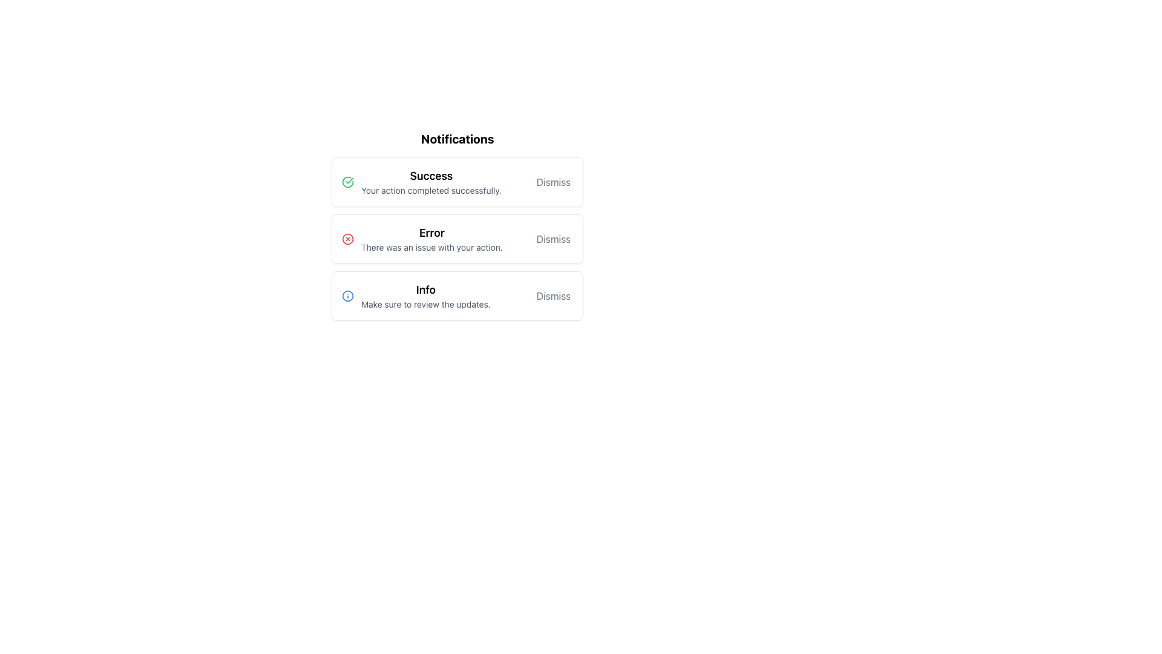 This screenshot has height=654, width=1162. I want to click on the red circular close icon within the second notification card labeled 'Error', so click(347, 239).